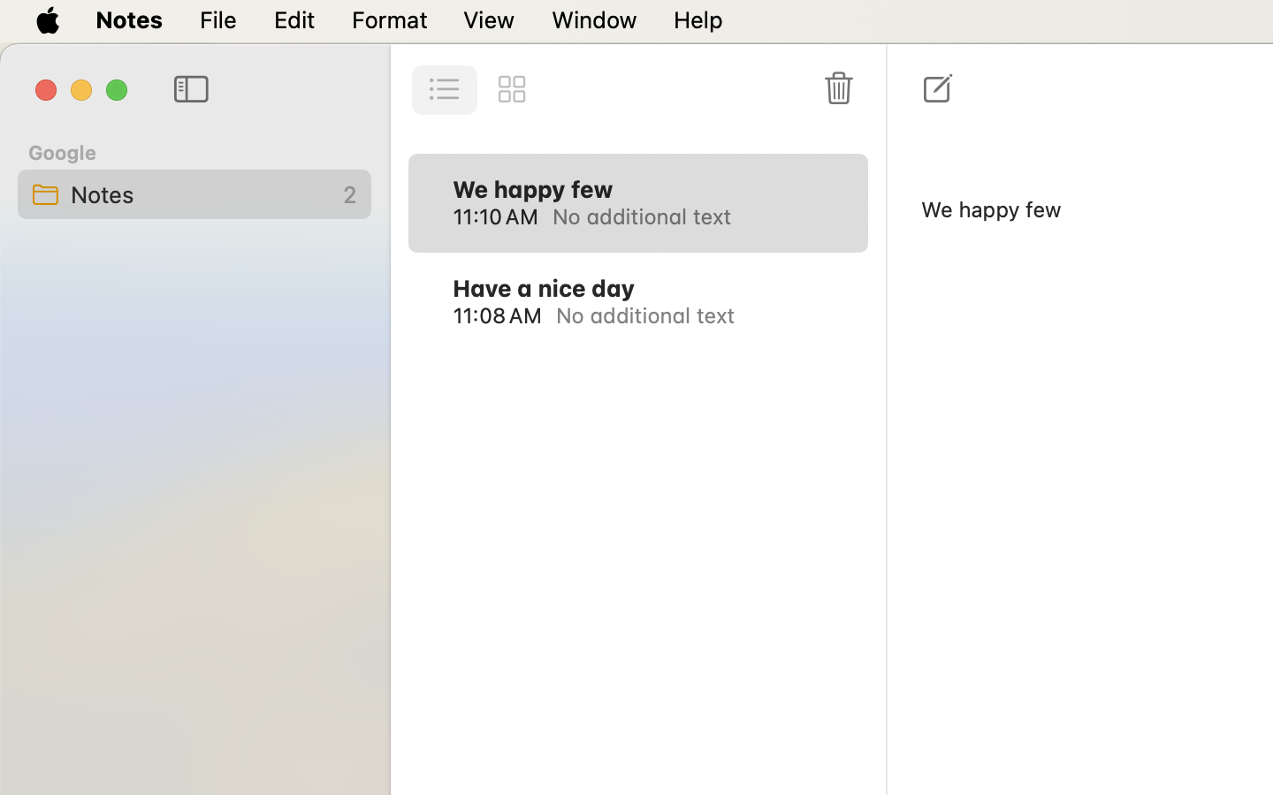 This screenshot has width=1273, height=795. What do you see at coordinates (495, 215) in the screenshot?
I see `'11:10 AM'` at bounding box center [495, 215].